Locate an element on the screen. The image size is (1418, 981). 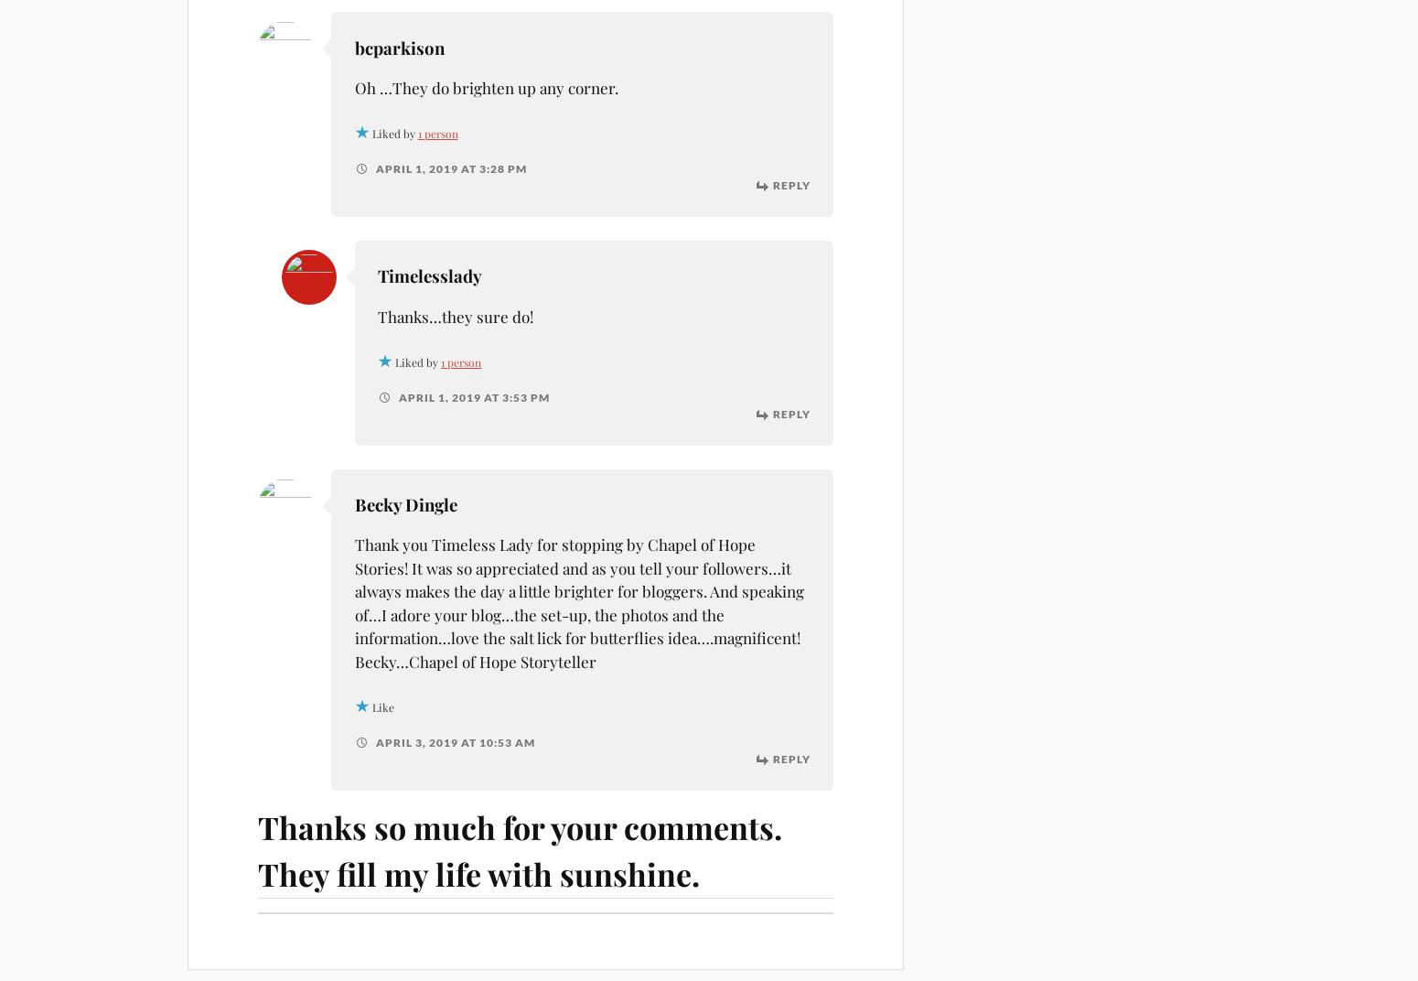
'Becky…Chapel of Hope Storyteller' is located at coordinates (353, 659).